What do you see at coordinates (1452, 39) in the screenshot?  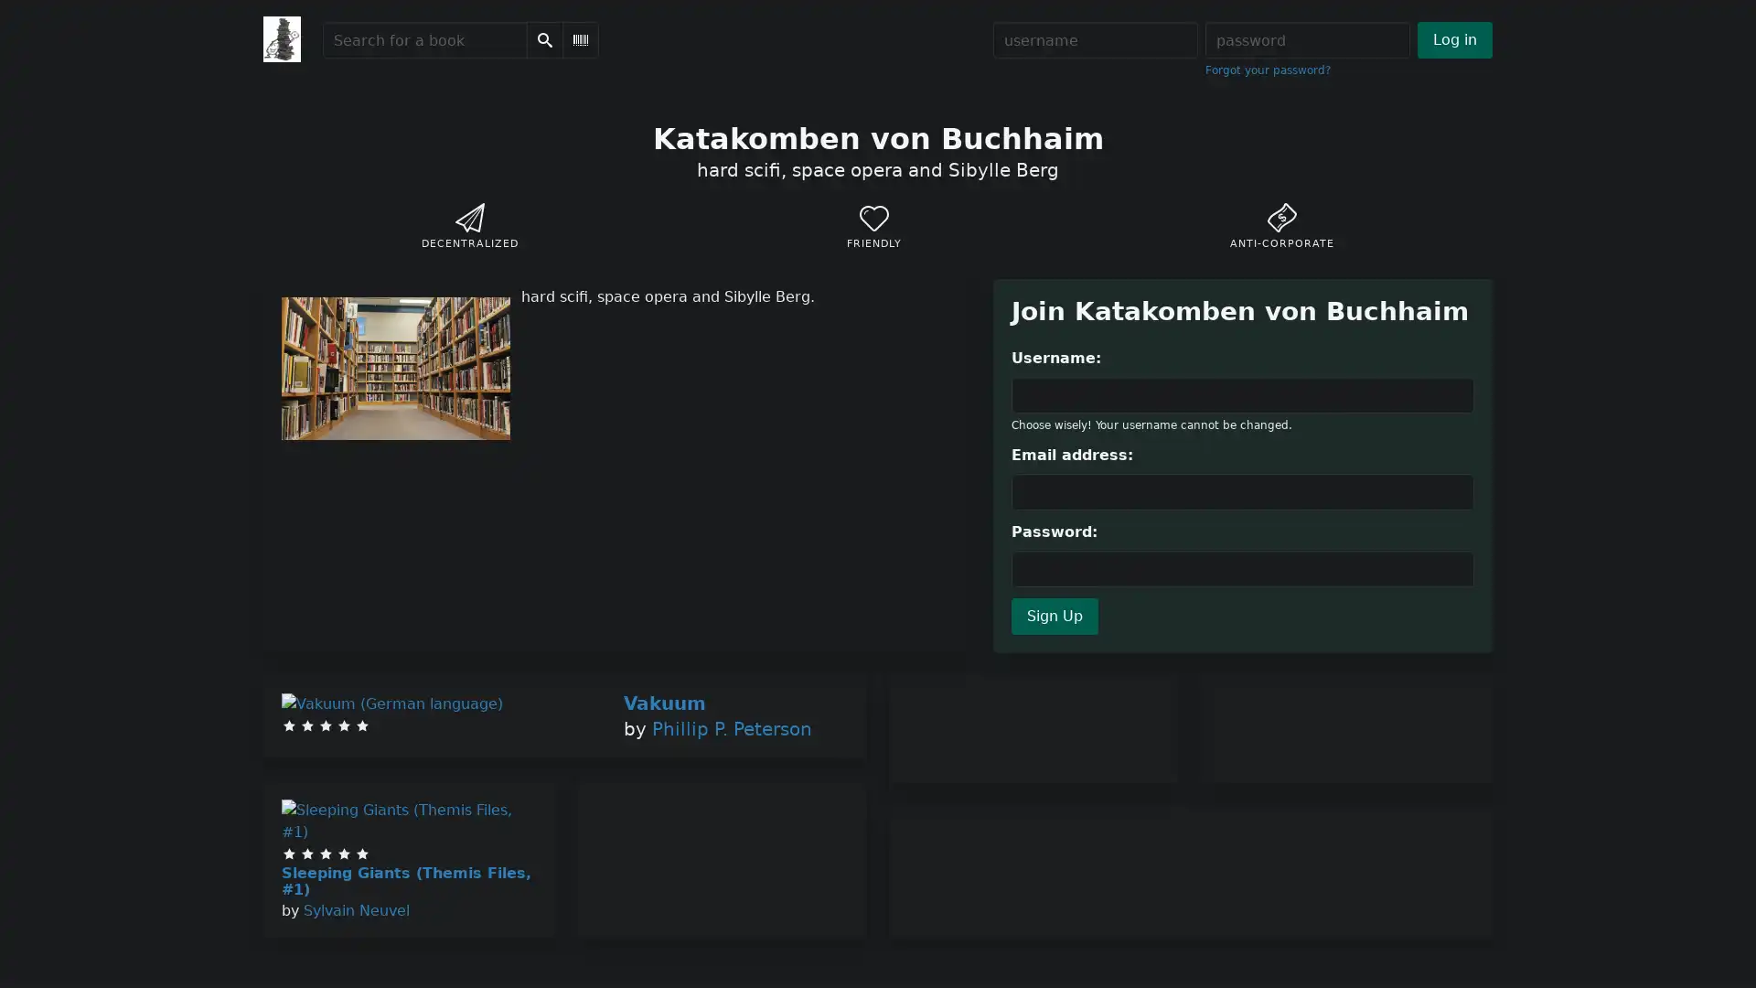 I see `Log in` at bounding box center [1452, 39].